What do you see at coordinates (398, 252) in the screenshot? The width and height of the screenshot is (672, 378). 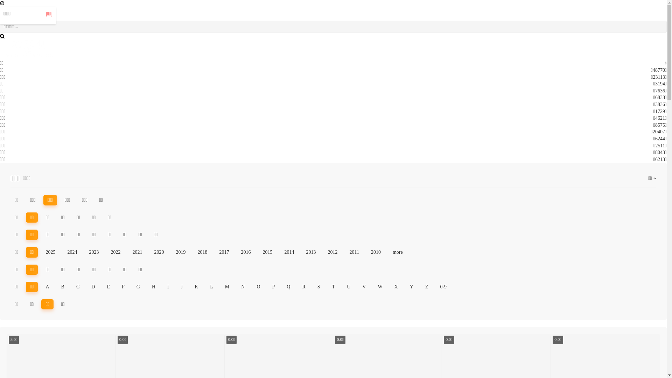 I see `'more'` at bounding box center [398, 252].